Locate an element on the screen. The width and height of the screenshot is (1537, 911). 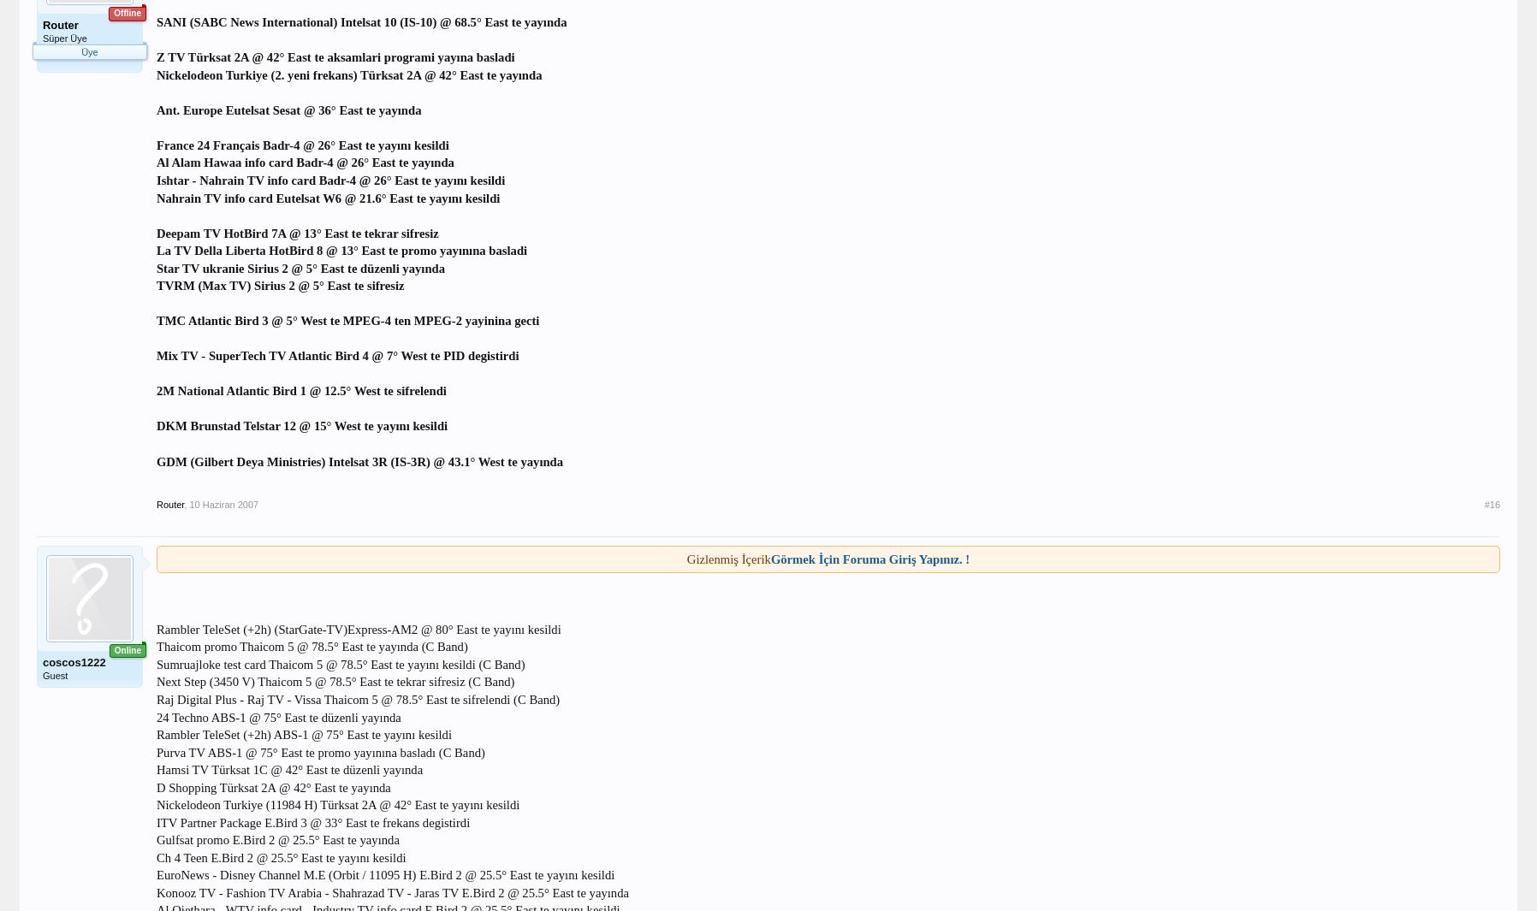
'Nickelodeon Turkiye (11984 H) Türksat 2A @ 42° East te yayını kesildi' is located at coordinates (337, 805).